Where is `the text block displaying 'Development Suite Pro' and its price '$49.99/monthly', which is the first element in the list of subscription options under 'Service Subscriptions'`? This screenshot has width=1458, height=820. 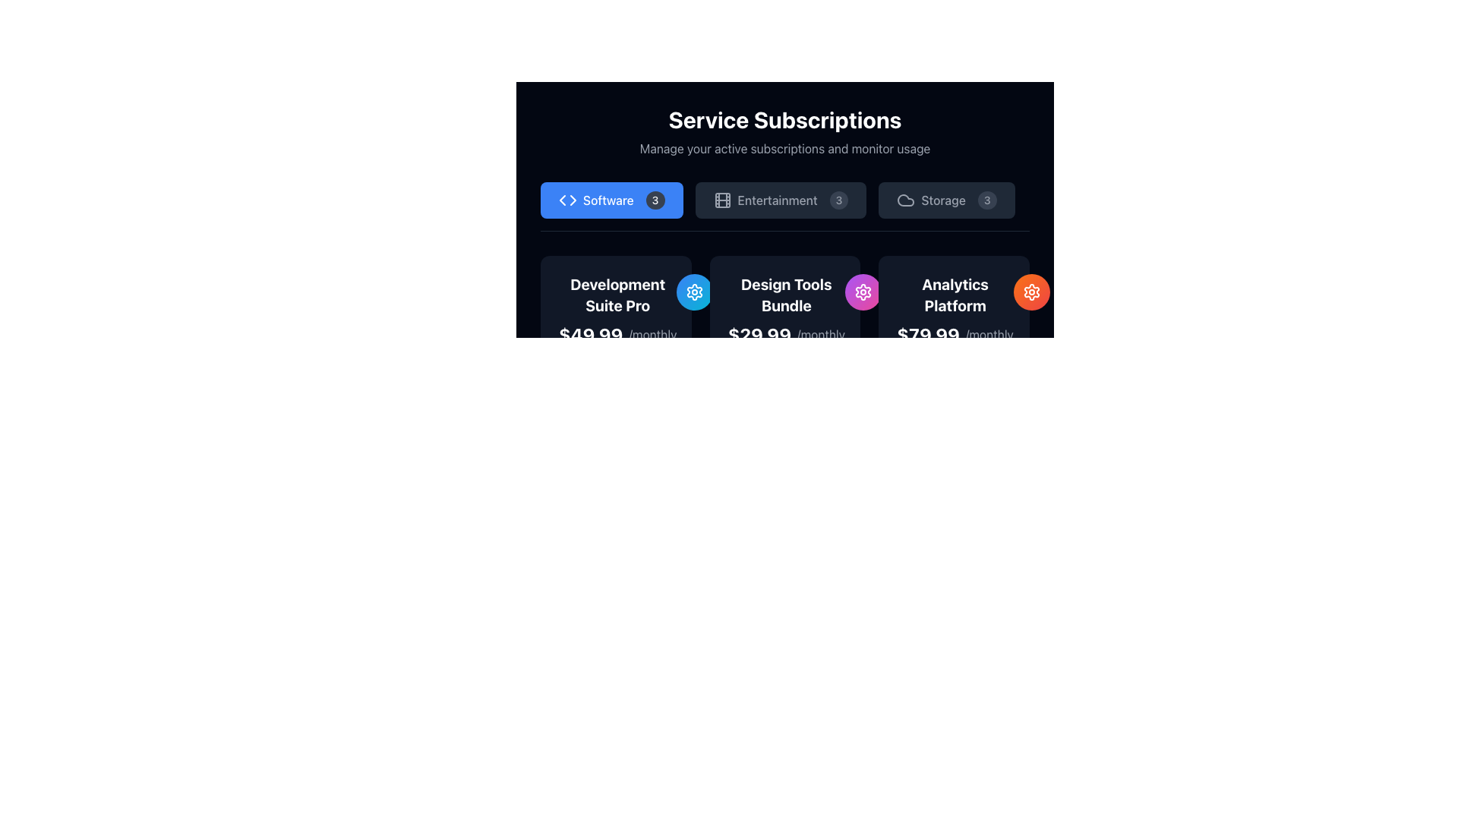
the text block displaying 'Development Suite Pro' and its price '$49.99/monthly', which is the first element in the list of subscription options under 'Service Subscriptions' is located at coordinates (617, 309).